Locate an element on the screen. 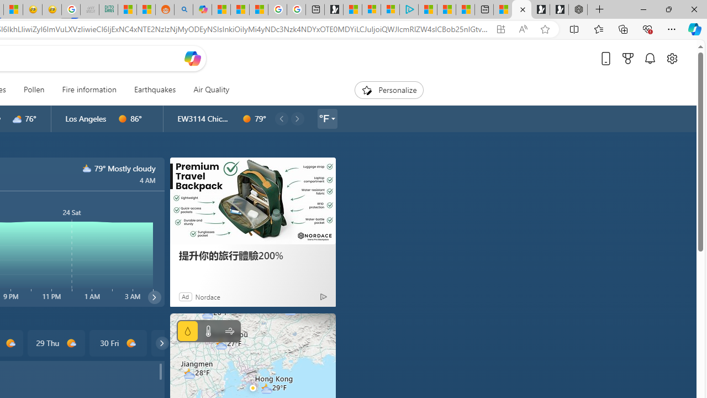 Image resolution: width=707 pixels, height=398 pixels. 'Microsoft Copilot in Bing' is located at coordinates (202, 9).